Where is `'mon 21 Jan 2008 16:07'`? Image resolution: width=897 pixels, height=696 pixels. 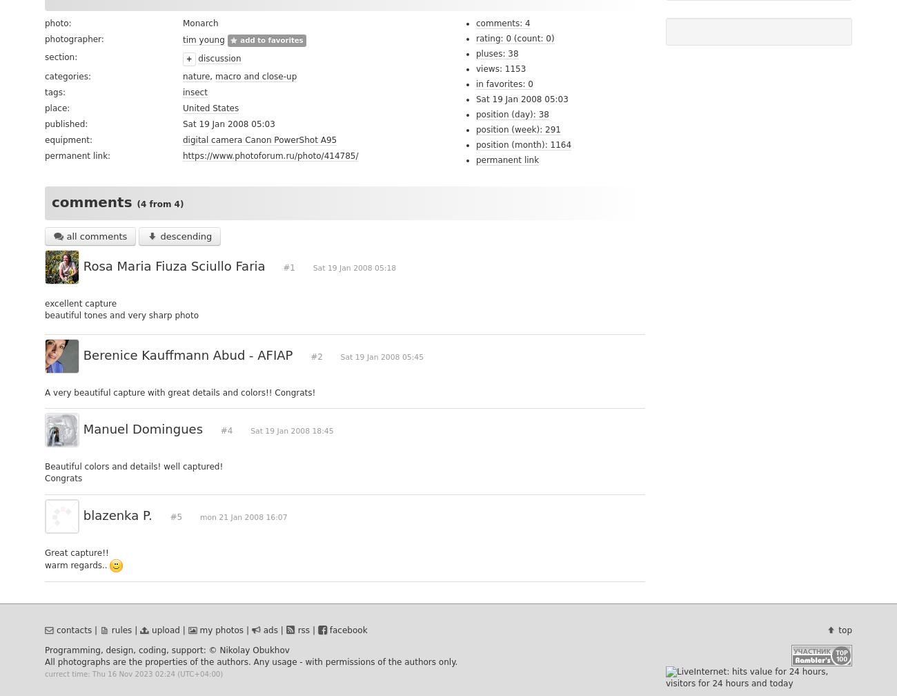
'mon 21 Jan 2008 16:07' is located at coordinates (242, 516).